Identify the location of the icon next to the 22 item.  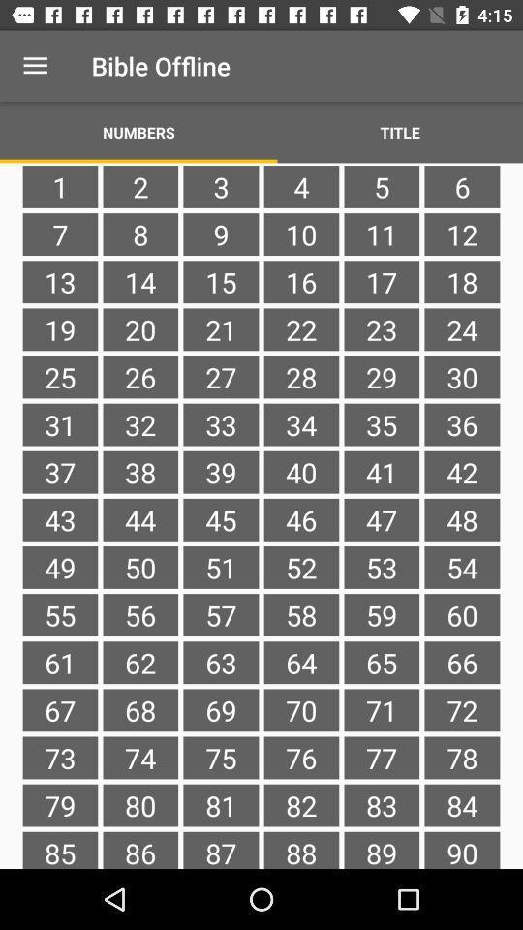
(220, 376).